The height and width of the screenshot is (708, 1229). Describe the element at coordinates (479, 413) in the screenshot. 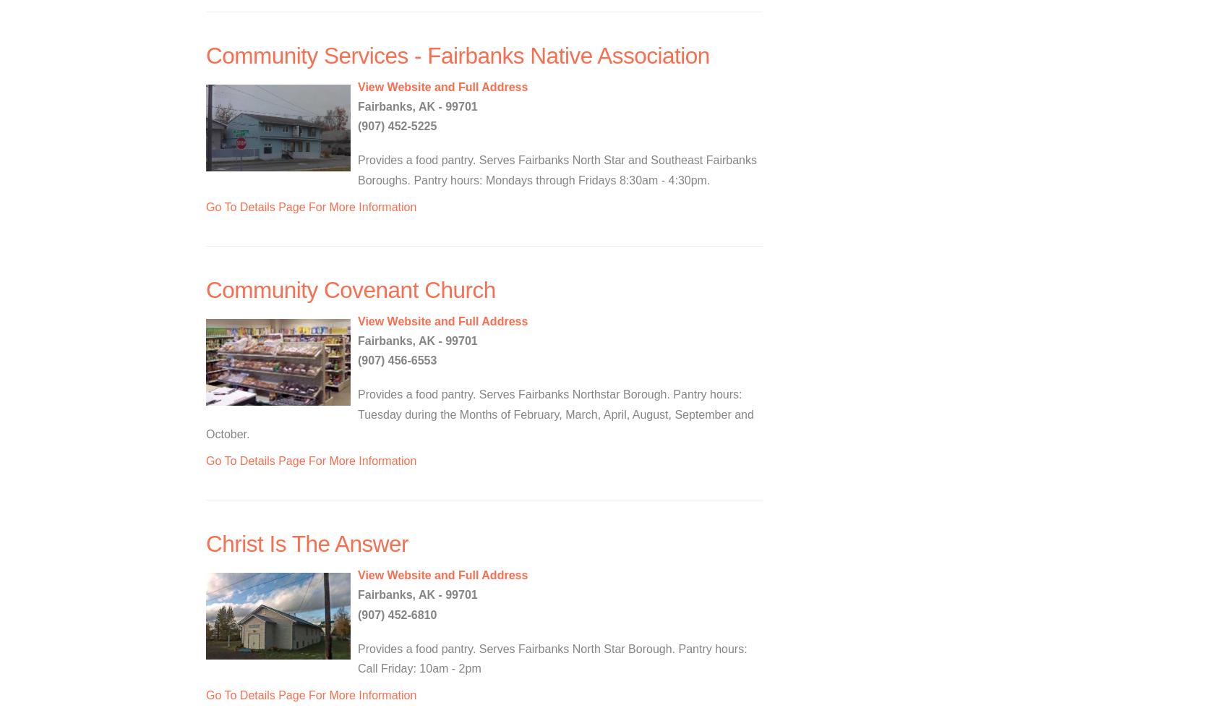

I see `'Provides a food pantry.  Serves Fairbanks Northstar Borough. Pantry hours: Tuesday during the Months of February, March, April, August, September and October.'` at that location.